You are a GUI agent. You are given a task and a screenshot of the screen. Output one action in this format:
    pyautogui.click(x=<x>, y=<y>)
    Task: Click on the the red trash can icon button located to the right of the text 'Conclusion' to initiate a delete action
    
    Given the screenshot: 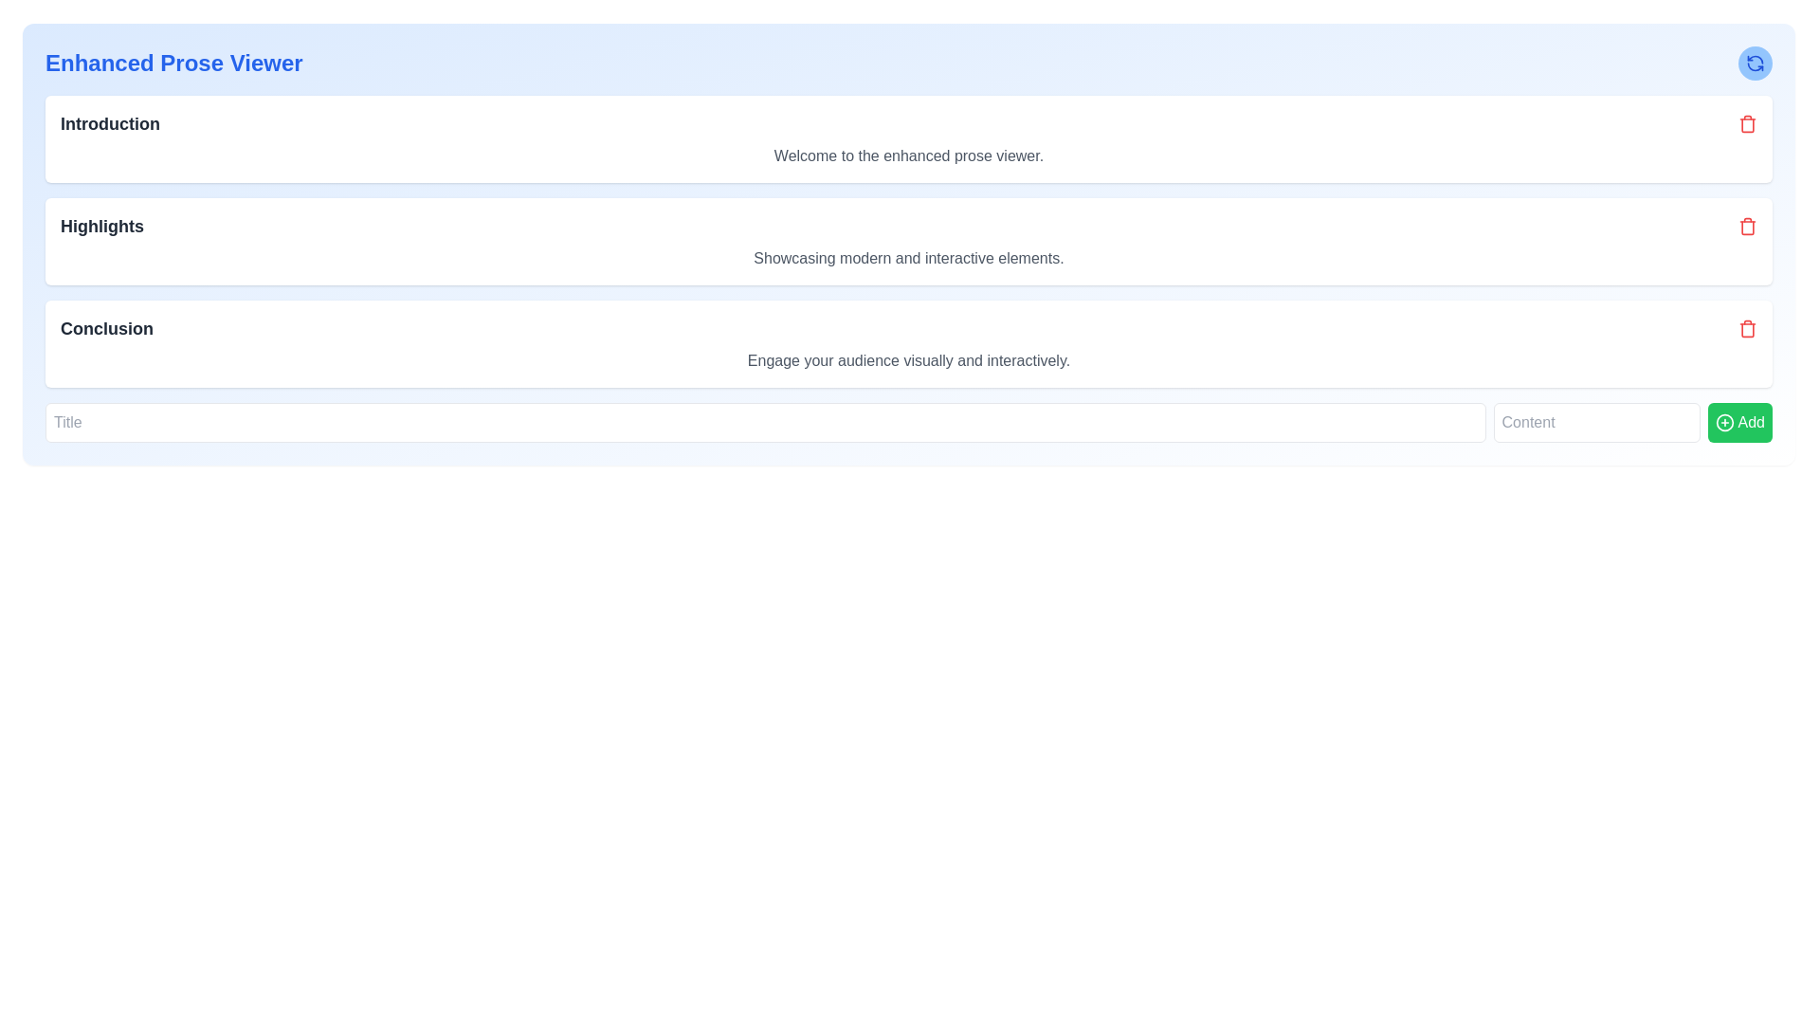 What is the action you would take?
    pyautogui.click(x=1746, y=328)
    